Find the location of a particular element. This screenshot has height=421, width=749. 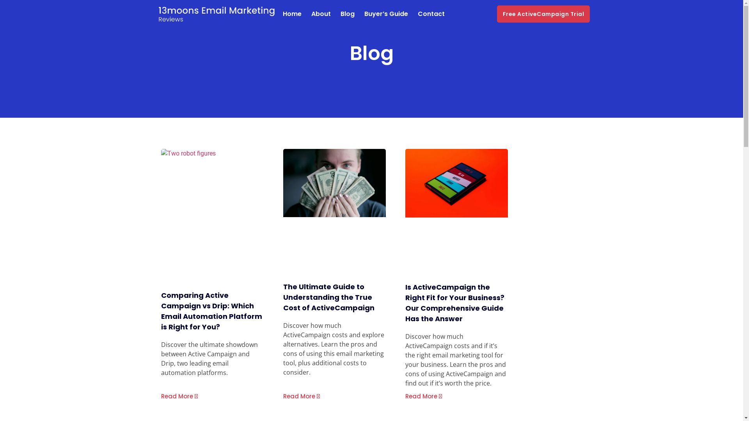

'Free ActiveCampaign Trial' is located at coordinates (543, 14).